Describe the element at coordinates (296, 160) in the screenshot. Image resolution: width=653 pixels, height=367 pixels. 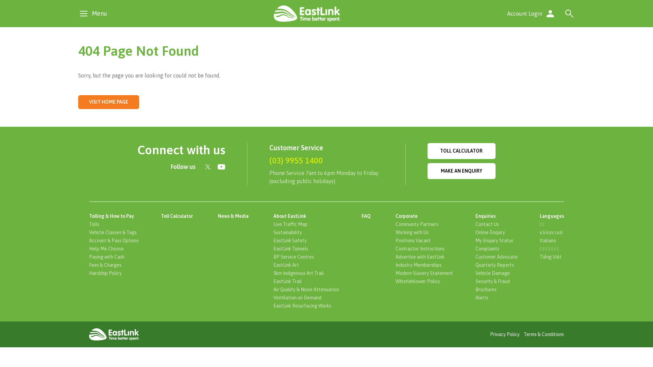
I see `'(03) 9955 1400'` at that location.